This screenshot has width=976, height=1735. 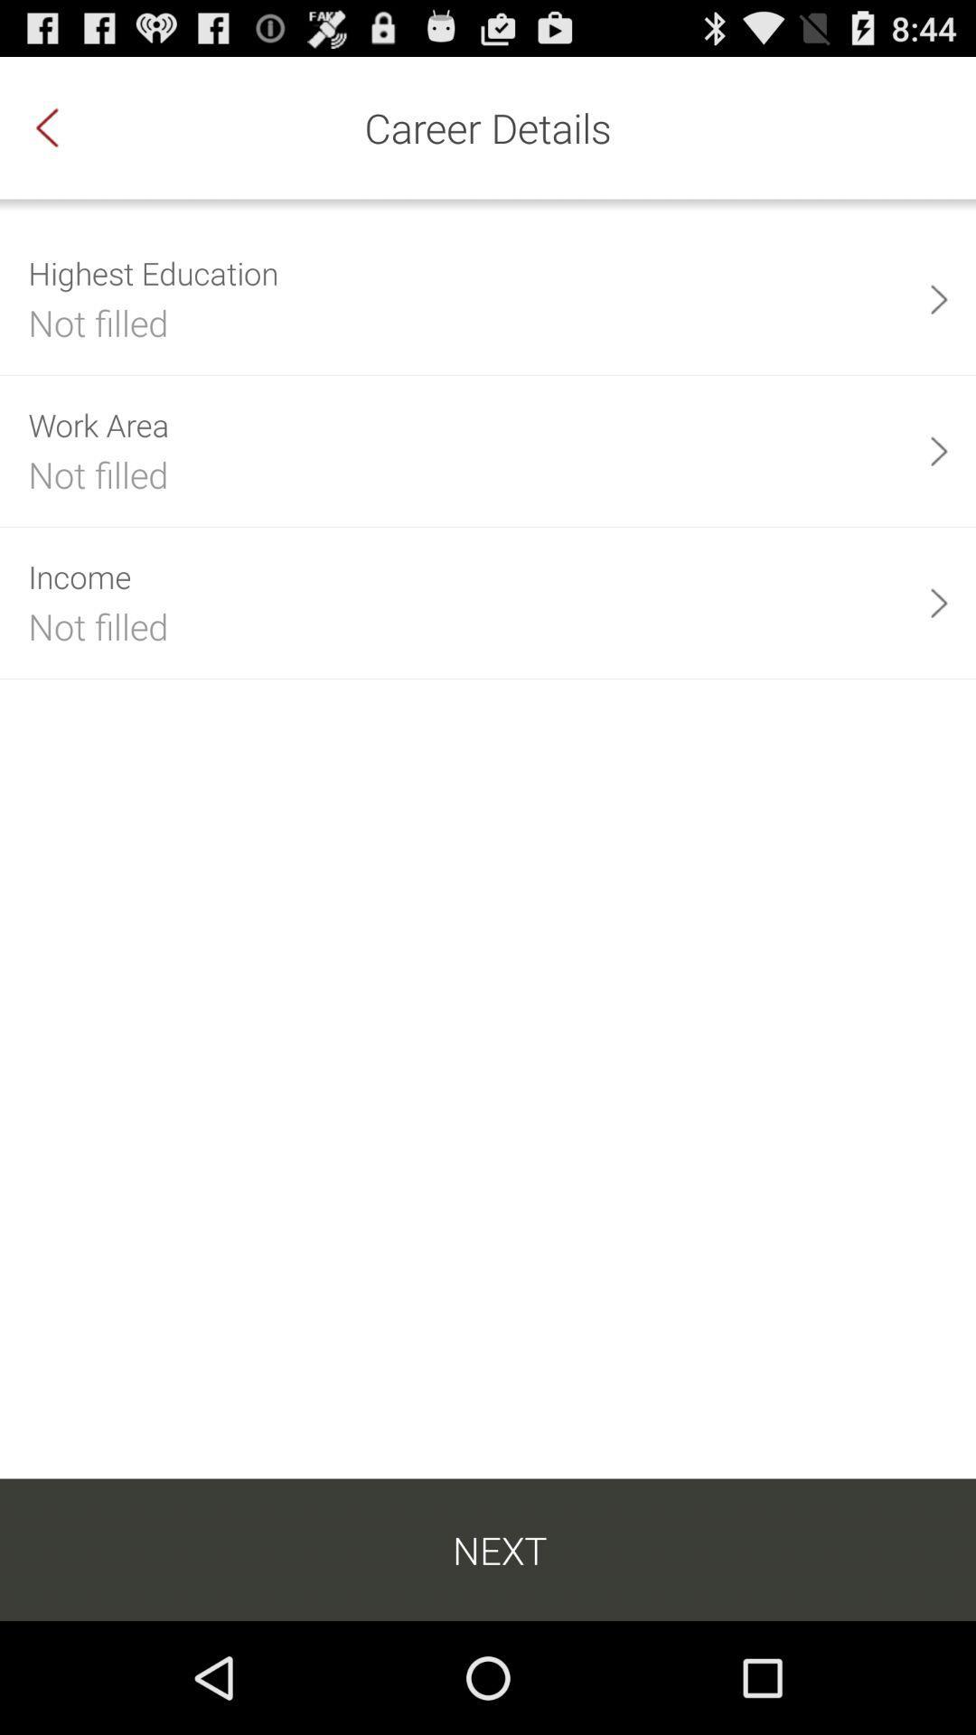 What do you see at coordinates (65, 127) in the screenshot?
I see `the app next to career details item` at bounding box center [65, 127].